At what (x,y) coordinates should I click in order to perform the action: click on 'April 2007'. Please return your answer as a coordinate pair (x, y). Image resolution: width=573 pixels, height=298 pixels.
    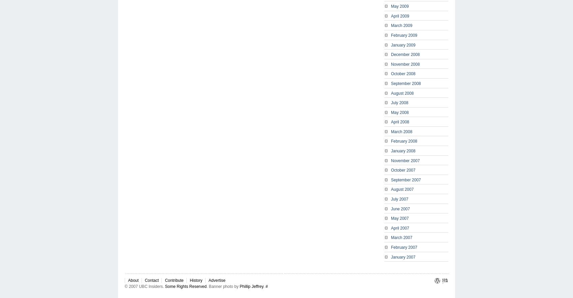
    Looking at the image, I should click on (399, 228).